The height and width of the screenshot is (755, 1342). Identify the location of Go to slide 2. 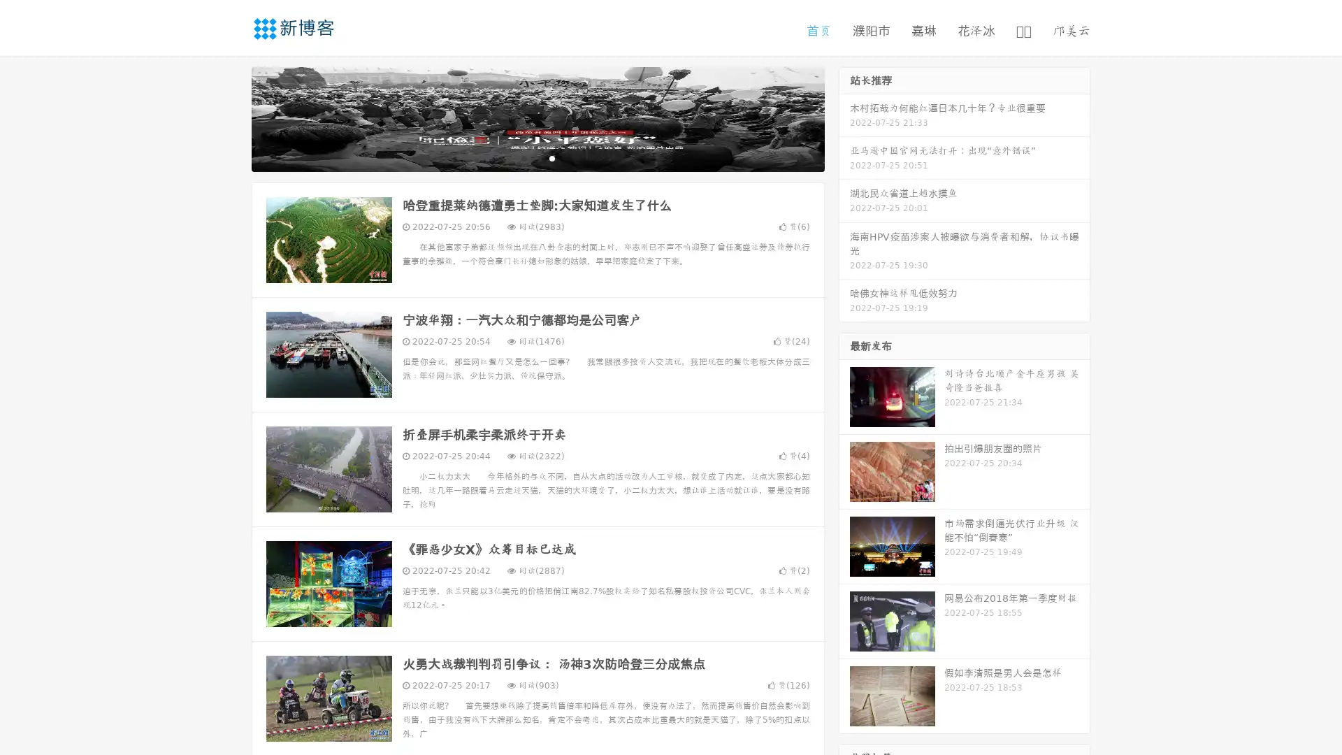
(537, 157).